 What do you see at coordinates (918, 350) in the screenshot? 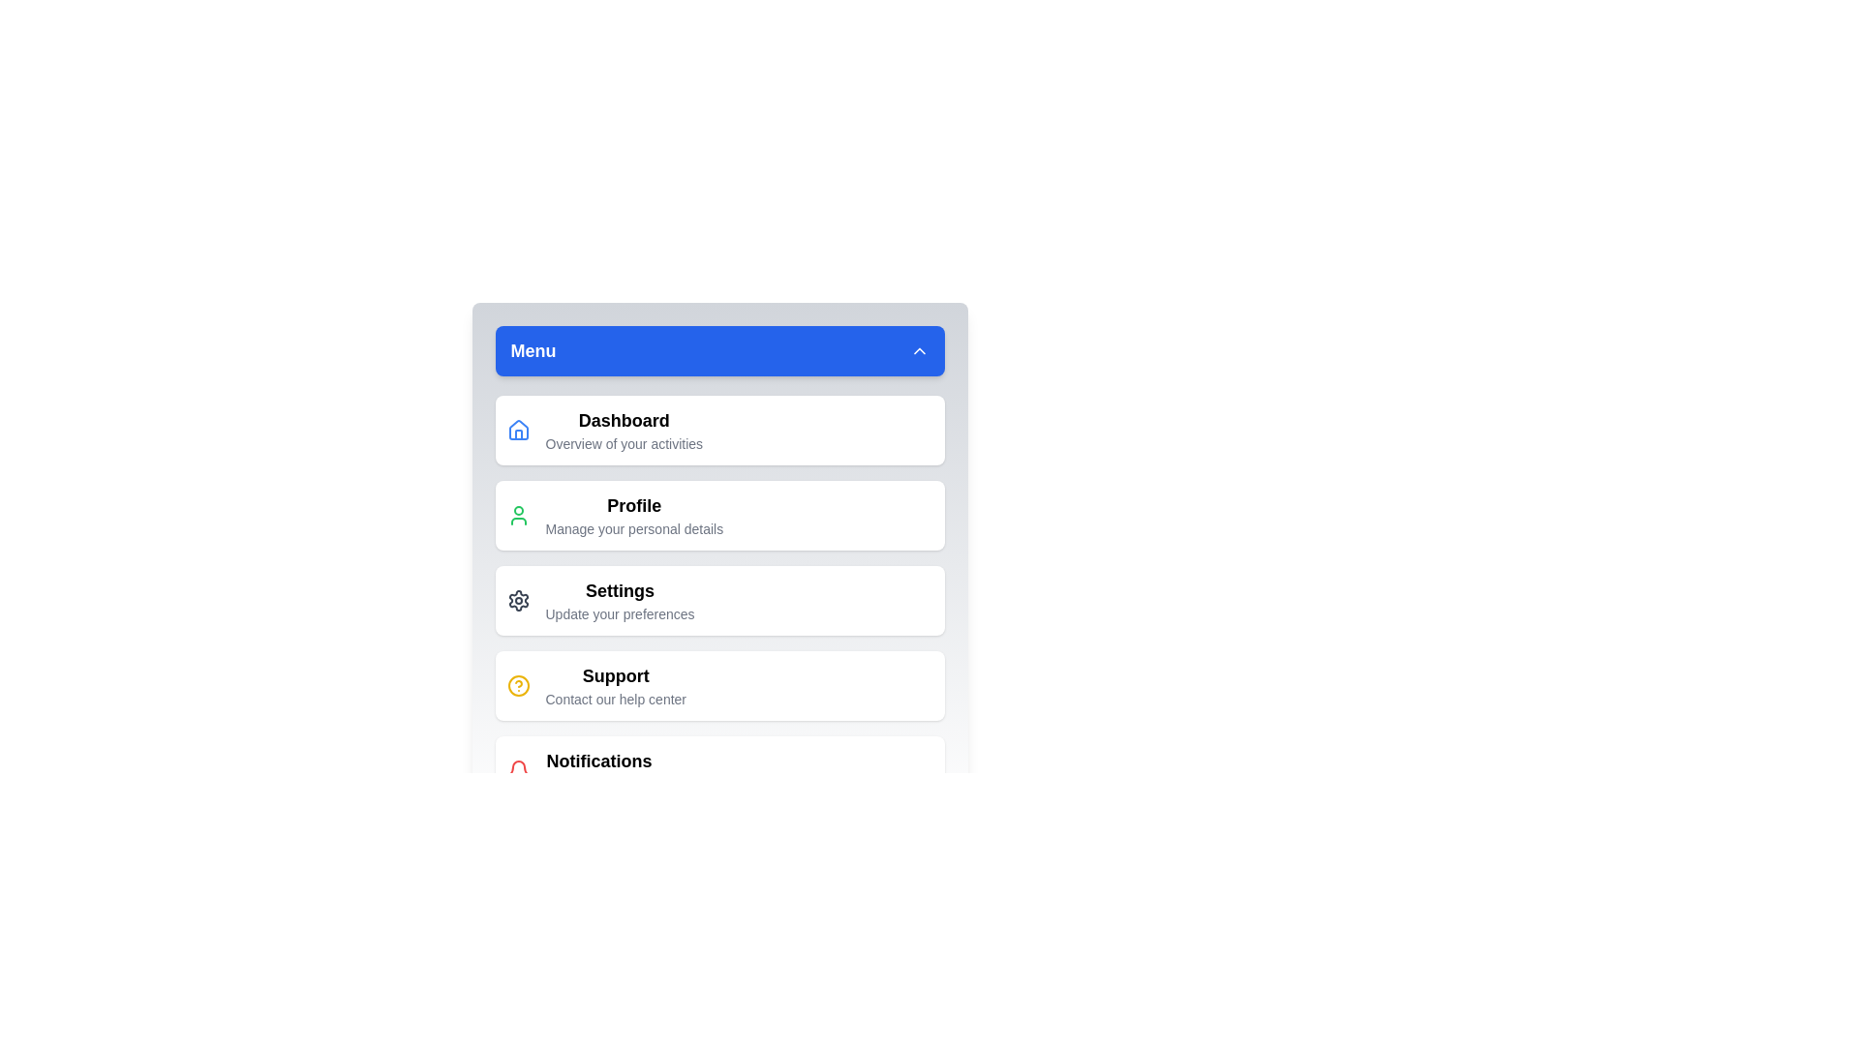
I see `the Chevron-up icon located on the right end of the top blue bar labeled 'Menu'` at bounding box center [918, 350].